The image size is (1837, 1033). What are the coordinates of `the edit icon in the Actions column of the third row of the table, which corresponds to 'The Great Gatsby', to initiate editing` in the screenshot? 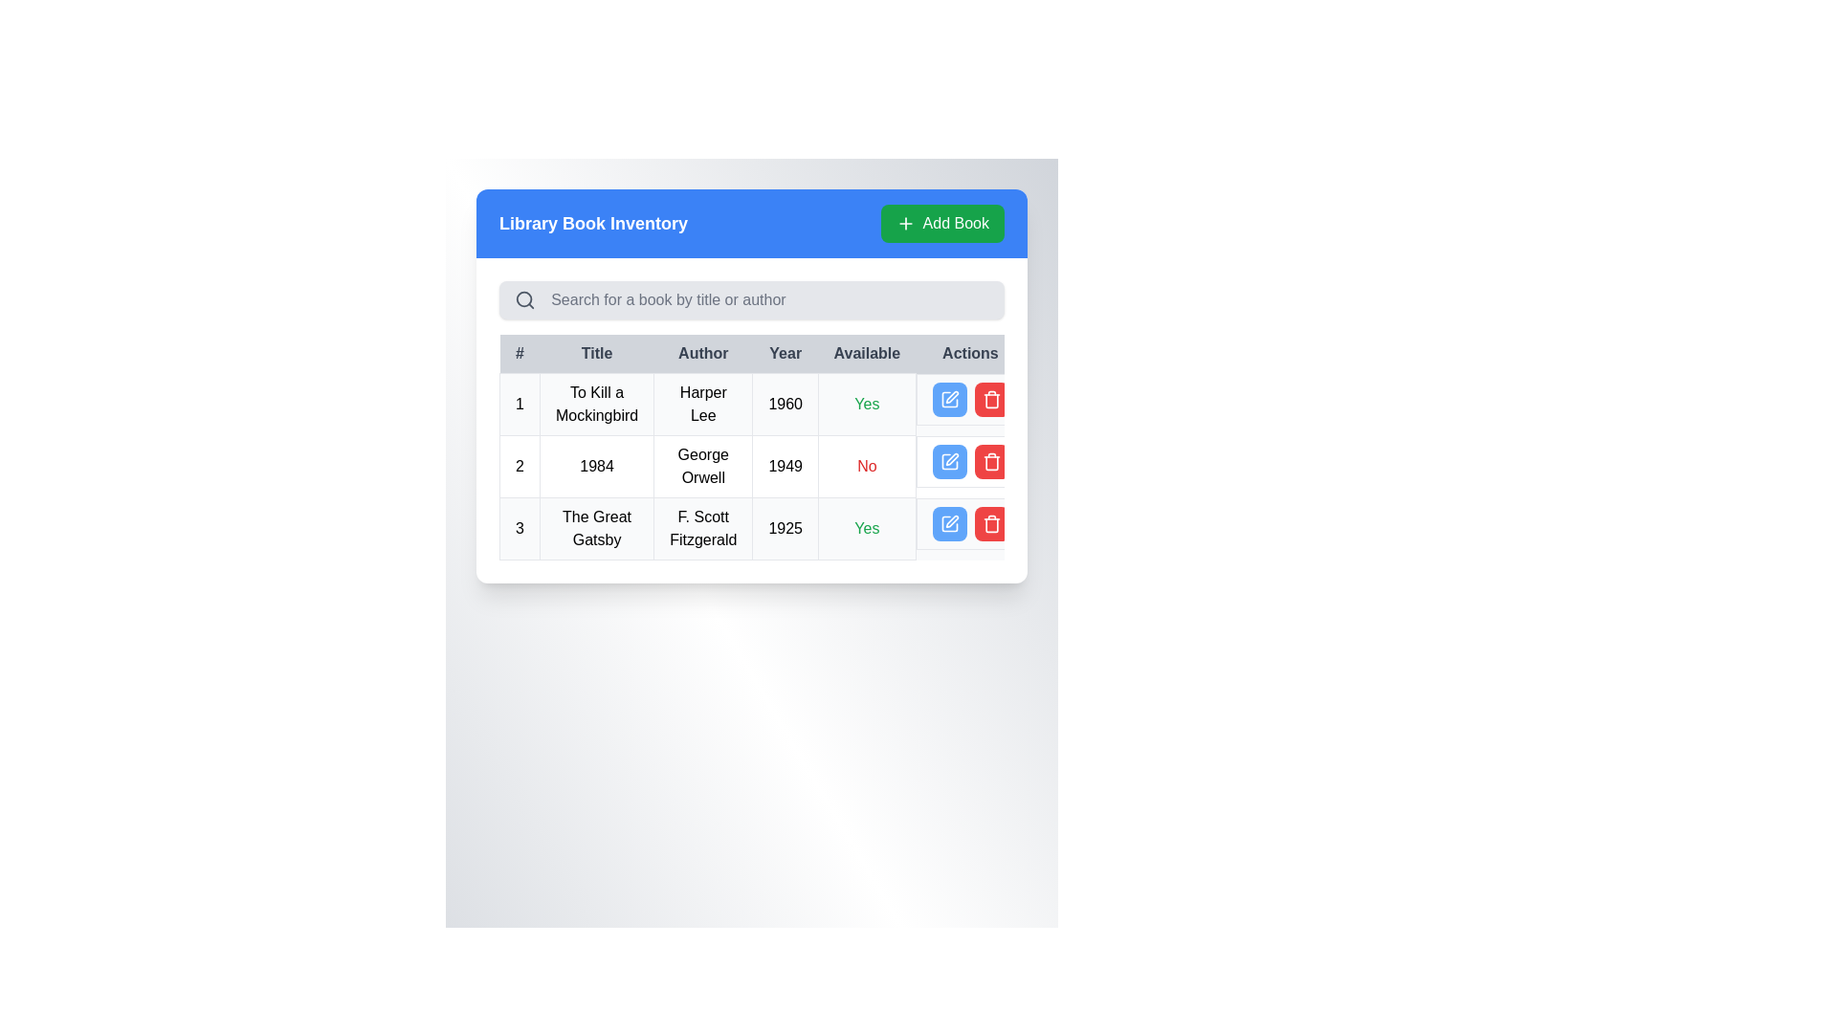 It's located at (949, 523).